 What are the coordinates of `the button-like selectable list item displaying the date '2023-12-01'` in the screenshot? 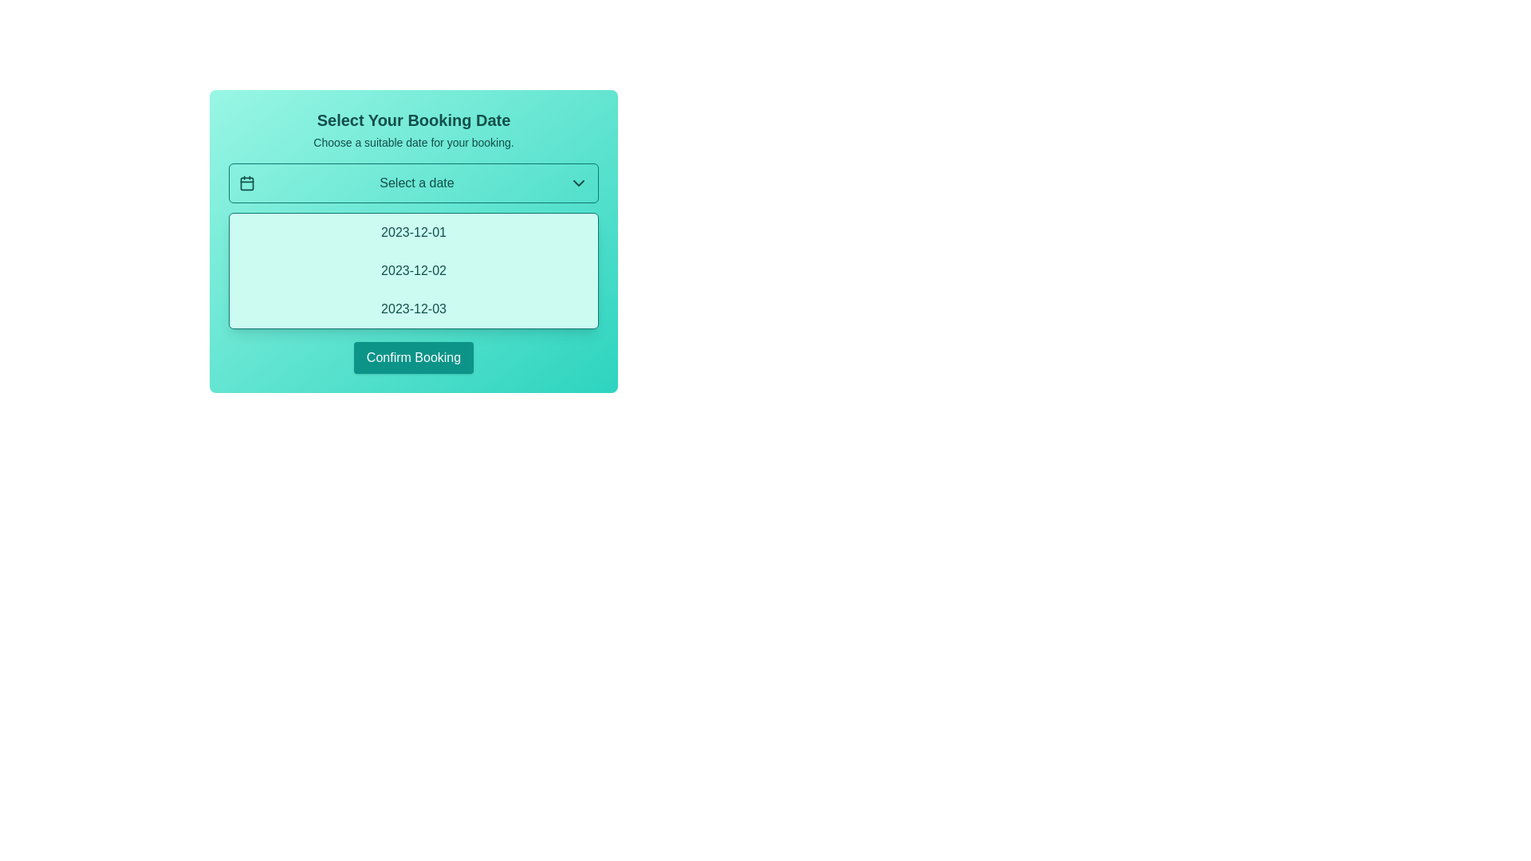 It's located at (413, 233).